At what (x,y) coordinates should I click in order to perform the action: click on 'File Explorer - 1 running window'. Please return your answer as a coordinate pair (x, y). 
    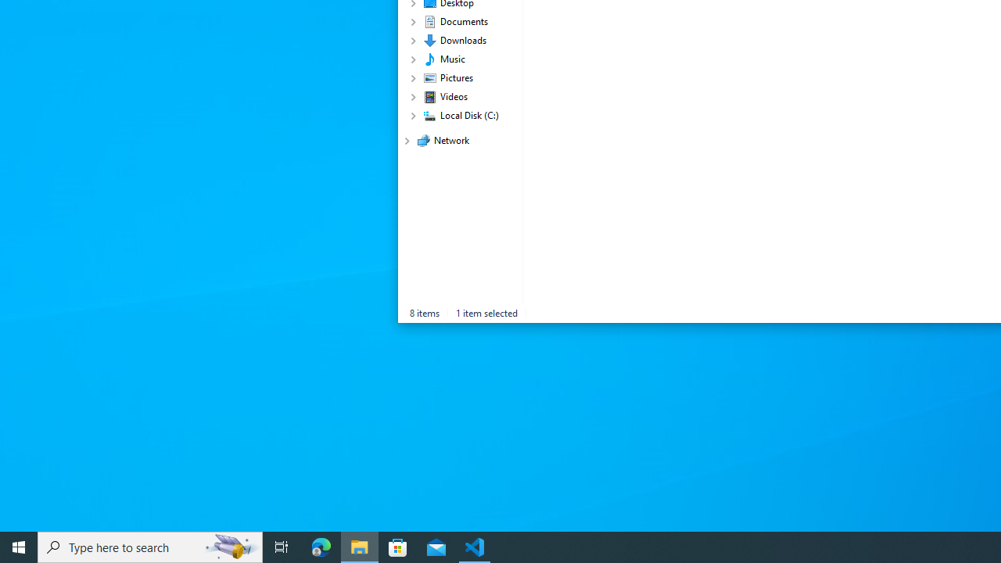
    Looking at the image, I should click on (359, 546).